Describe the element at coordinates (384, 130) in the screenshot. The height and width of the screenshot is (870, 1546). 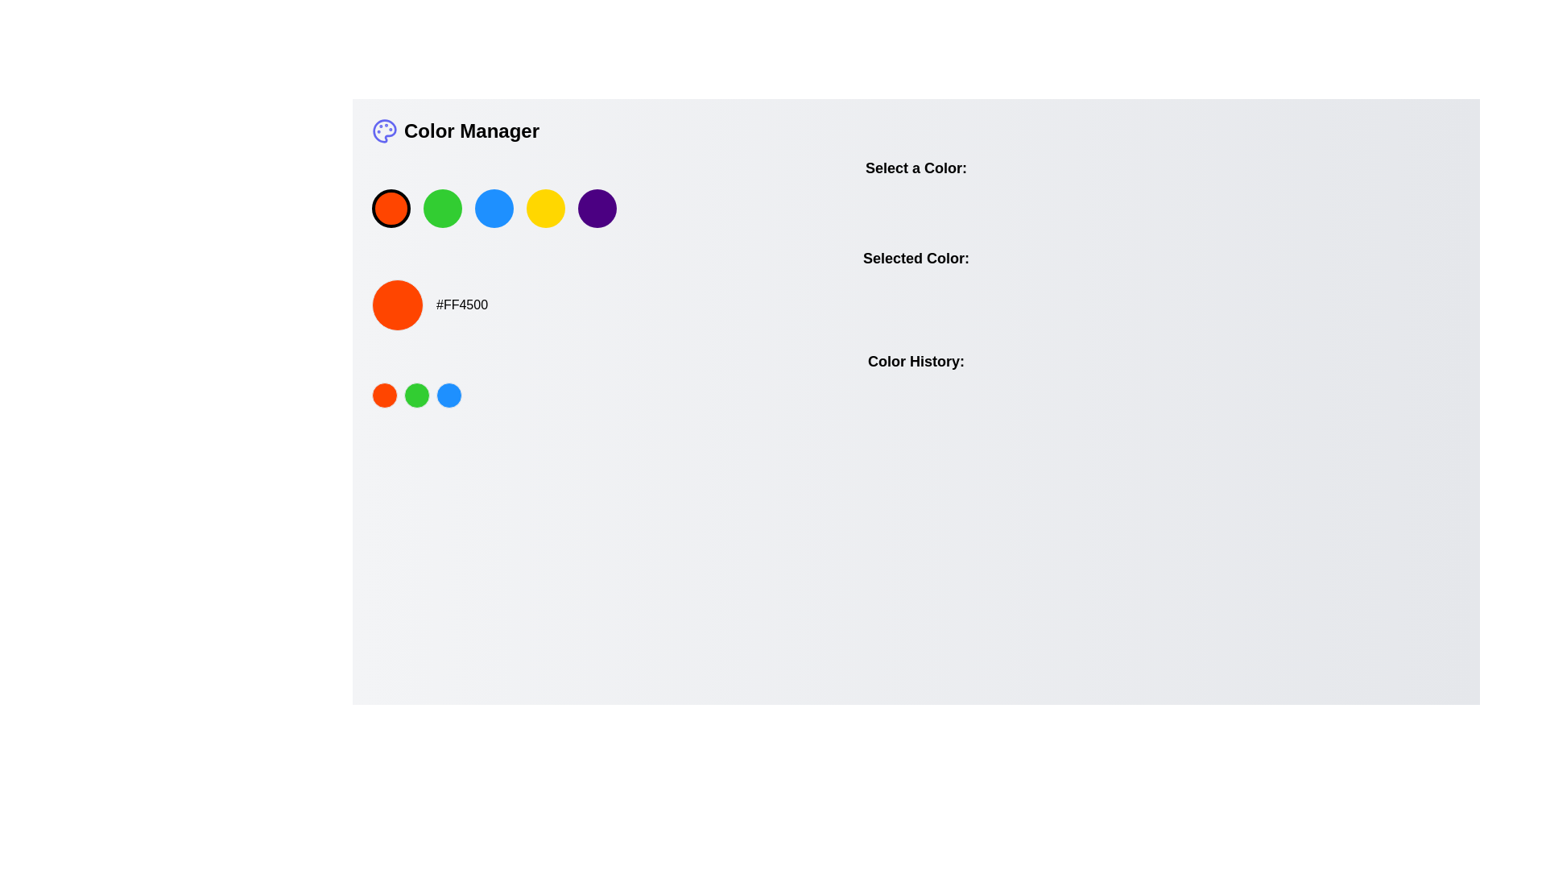
I see `the painter's palette icon located next to the 'Color Manager' text in the top-left corner of the interface` at that location.